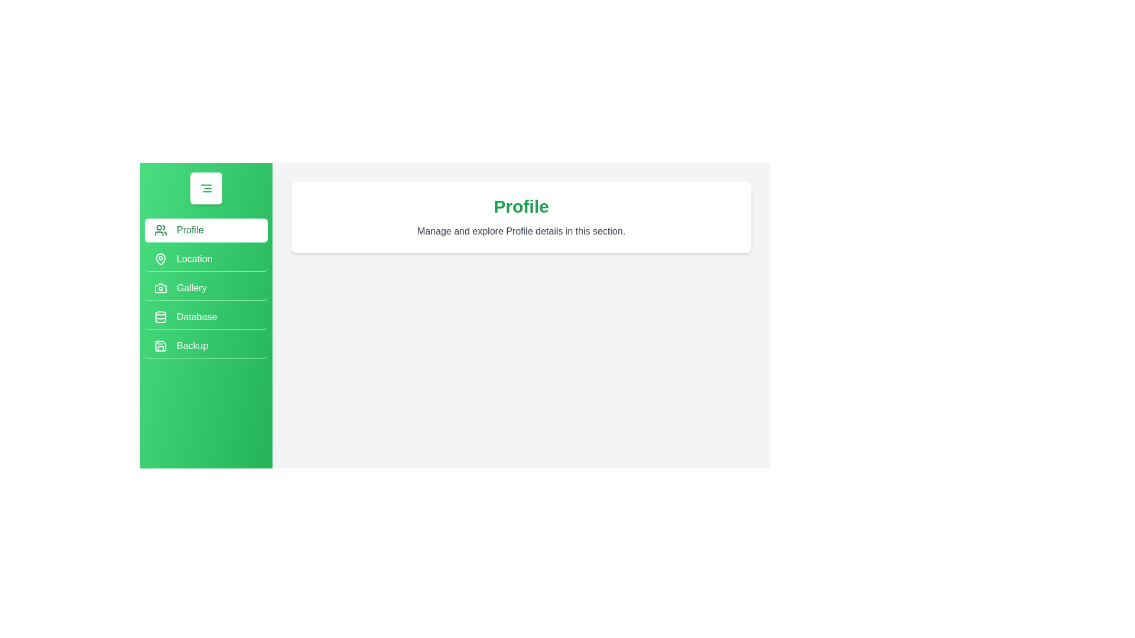  I want to click on the menu option Profile in the drawer, so click(206, 230).